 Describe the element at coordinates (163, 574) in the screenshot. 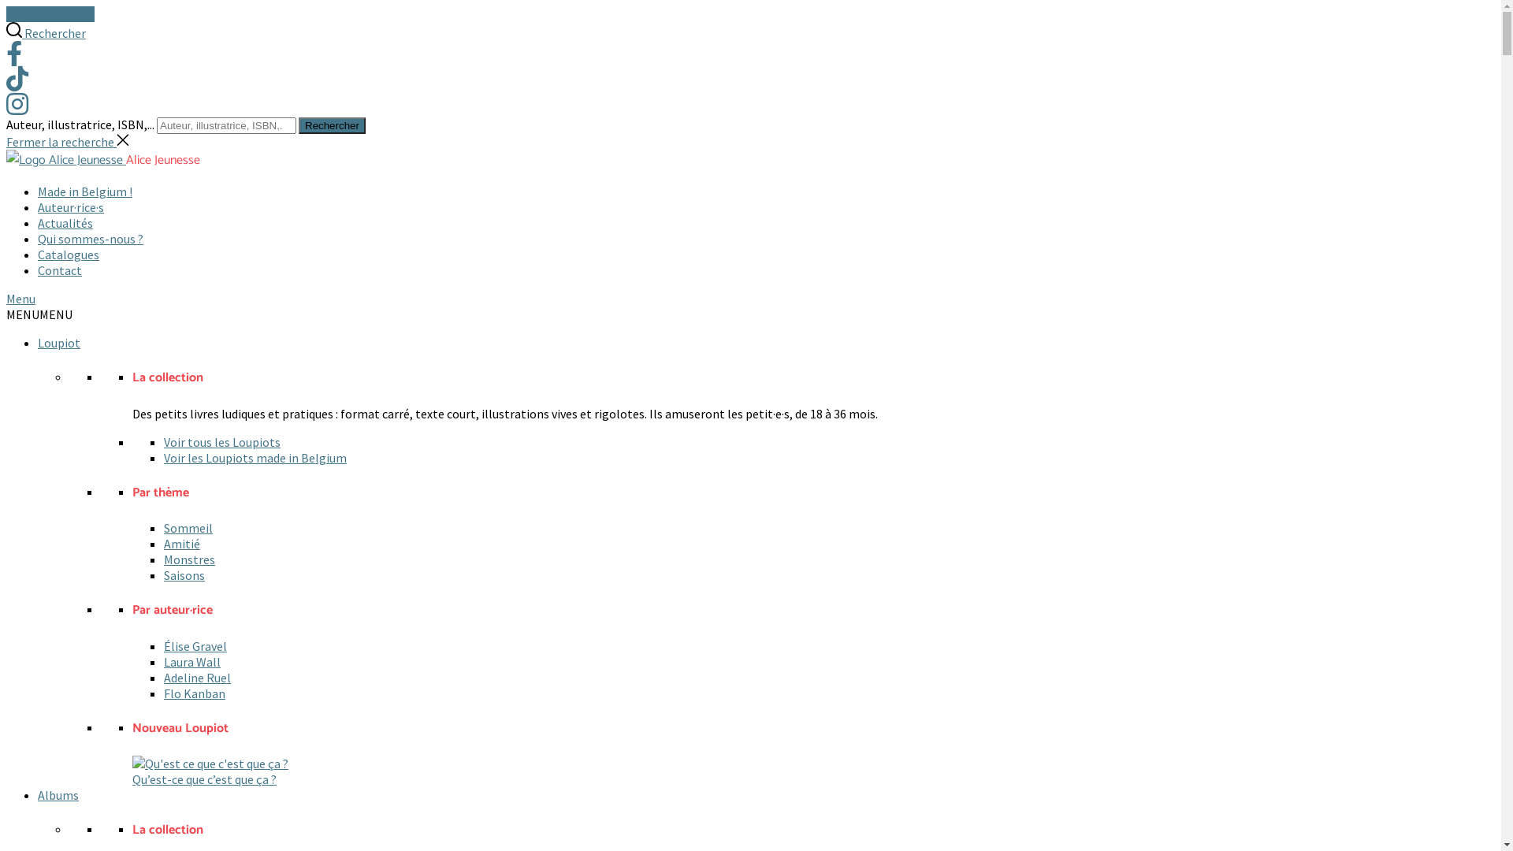

I see `'Saisons'` at that location.